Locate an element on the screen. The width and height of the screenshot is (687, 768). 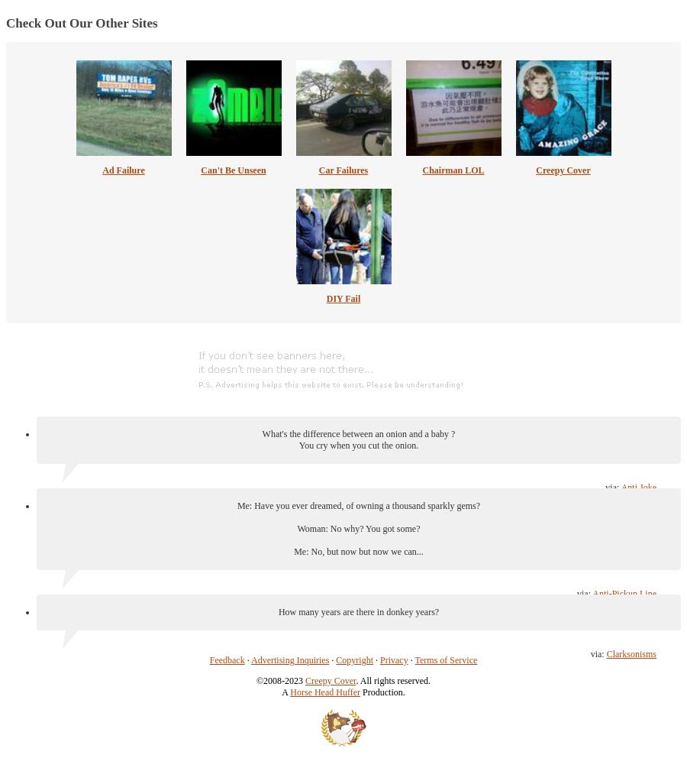
'What's the difference between an onion and a baby ?' is located at coordinates (357, 433).